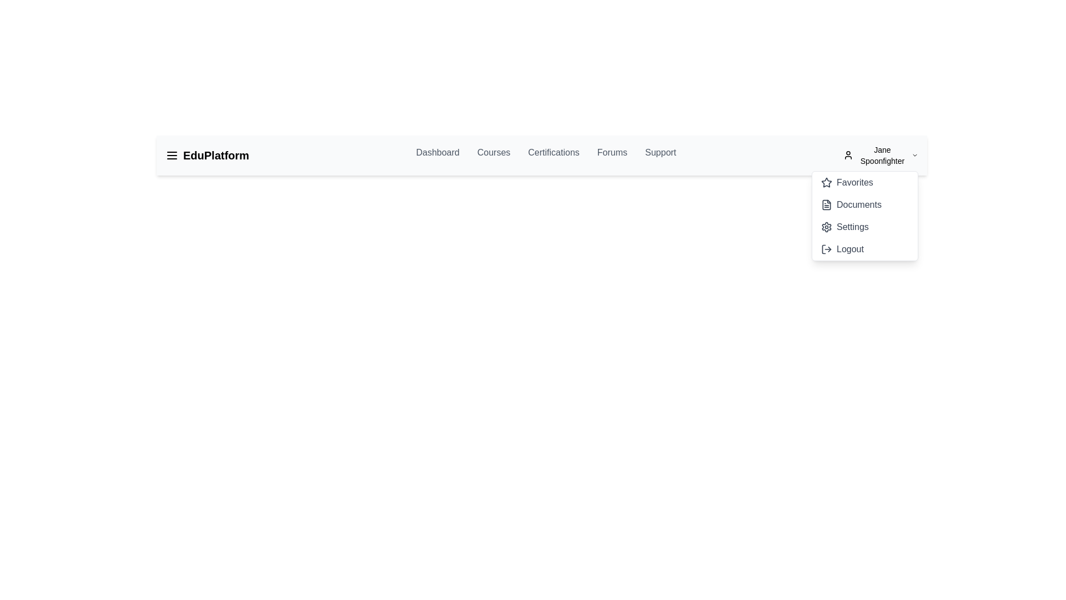  What do you see at coordinates (611, 156) in the screenshot?
I see `the 'Forums' hyperlink in the navigation bar` at bounding box center [611, 156].